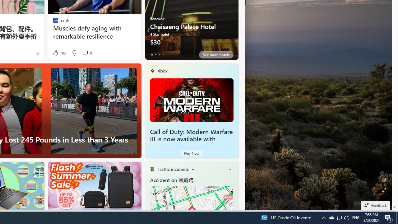 This screenshot has height=224, width=398. I want to click on 'tab-1', so click(155, 54).